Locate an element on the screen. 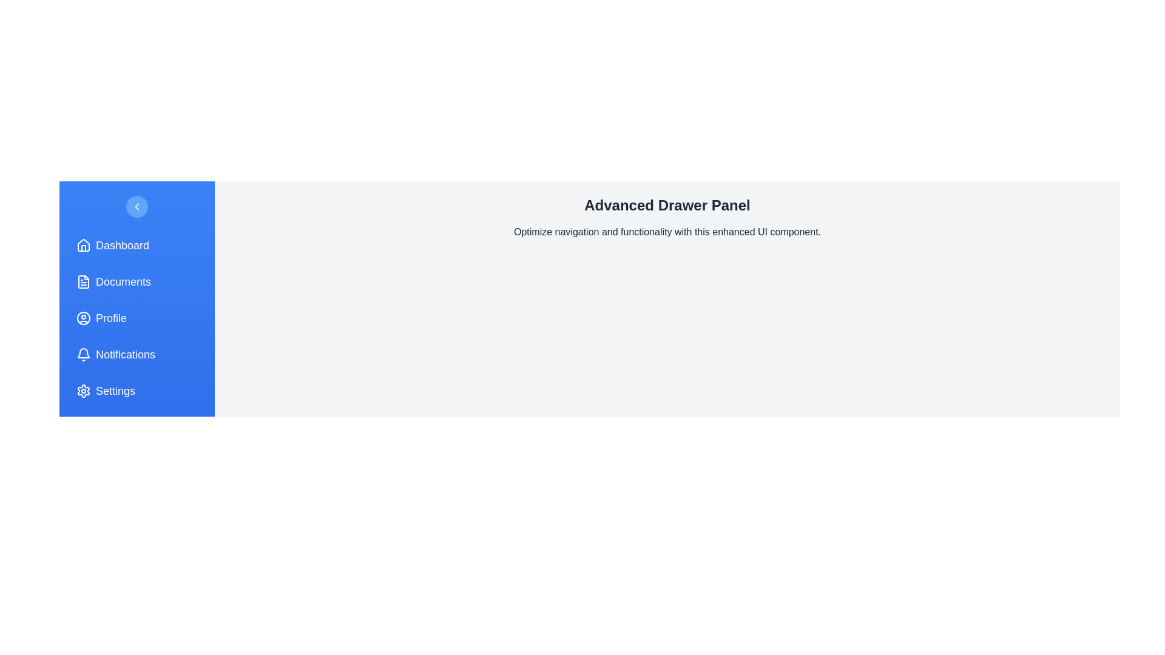 Image resolution: width=1165 pixels, height=655 pixels. toggle button to change the drawer's state is located at coordinates (137, 206).